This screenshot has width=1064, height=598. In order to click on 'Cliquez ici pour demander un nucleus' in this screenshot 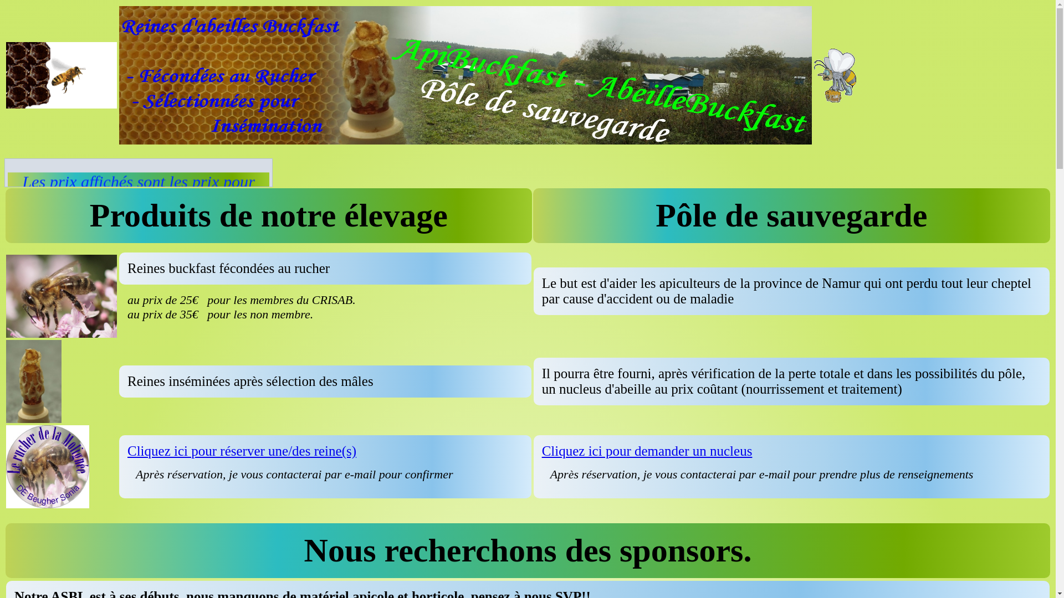, I will do `click(647, 451)`.